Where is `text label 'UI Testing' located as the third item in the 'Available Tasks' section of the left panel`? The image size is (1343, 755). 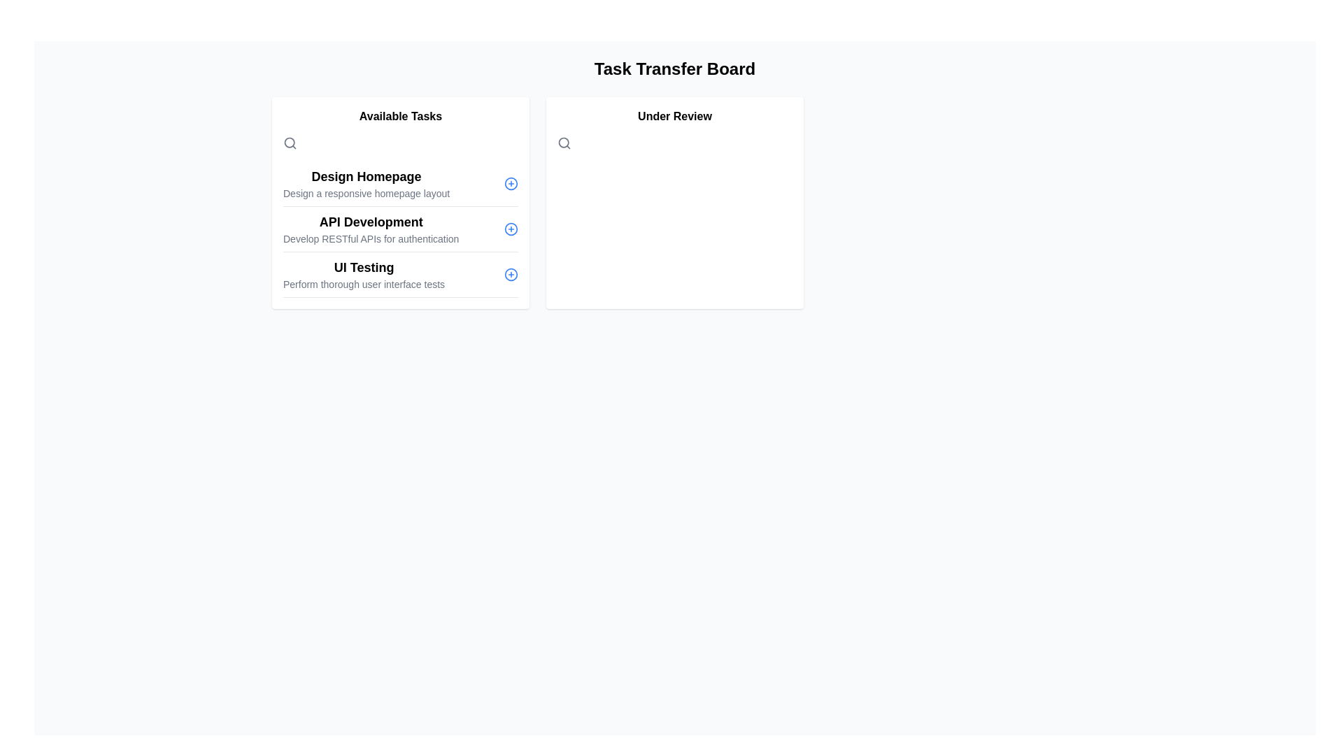
text label 'UI Testing' located as the third item in the 'Available Tasks' section of the left panel is located at coordinates (364, 267).